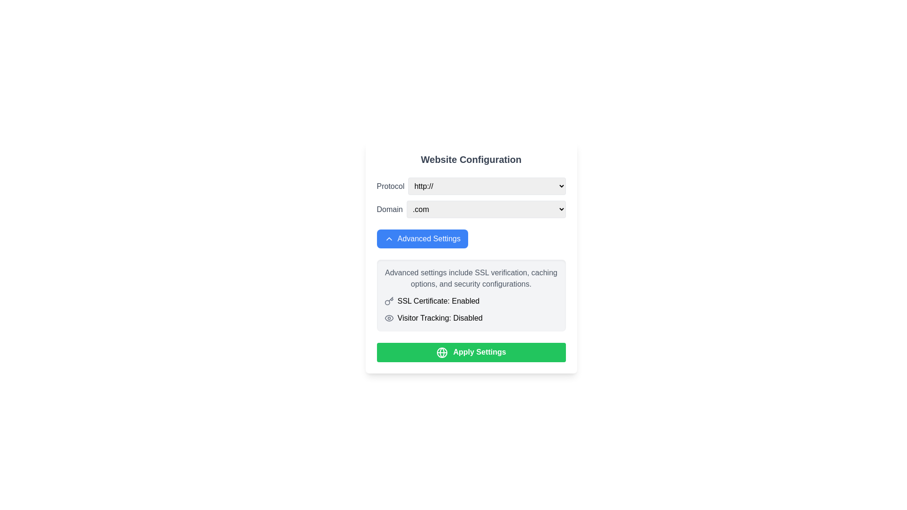 The image size is (907, 510). Describe the element at coordinates (471, 352) in the screenshot. I see `the rectangular green button labeled 'Apply Settings' located at the bottom of the 'Website Configuration' card section` at that location.